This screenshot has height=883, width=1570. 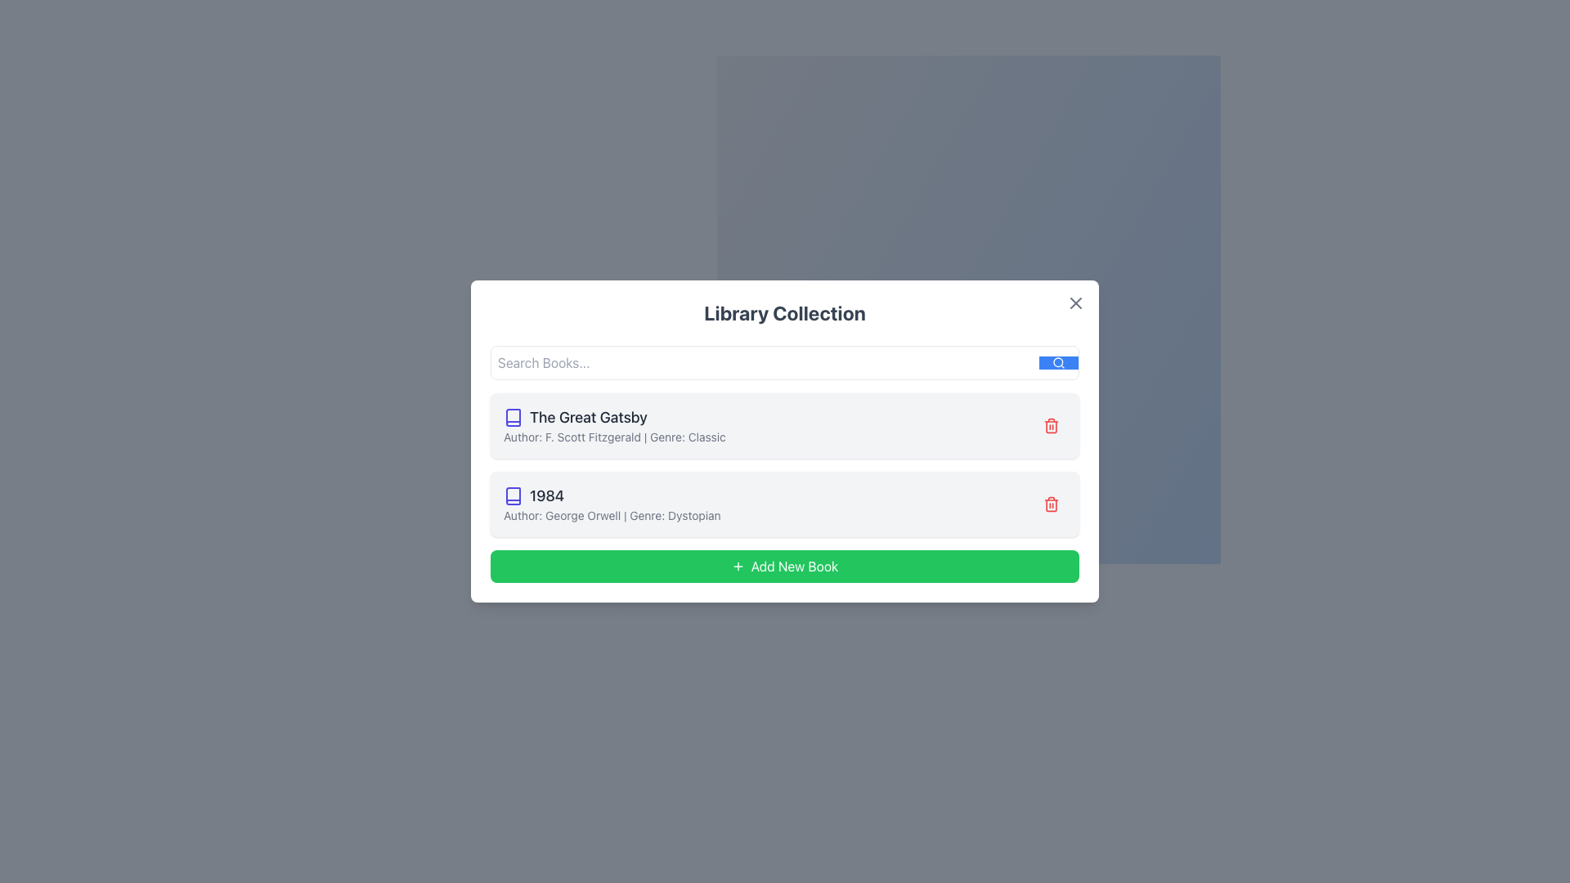 I want to click on the open book icon located to the left of the text 'The Great Gatsby' in the 'Library Collection' dialog box, so click(x=513, y=495).